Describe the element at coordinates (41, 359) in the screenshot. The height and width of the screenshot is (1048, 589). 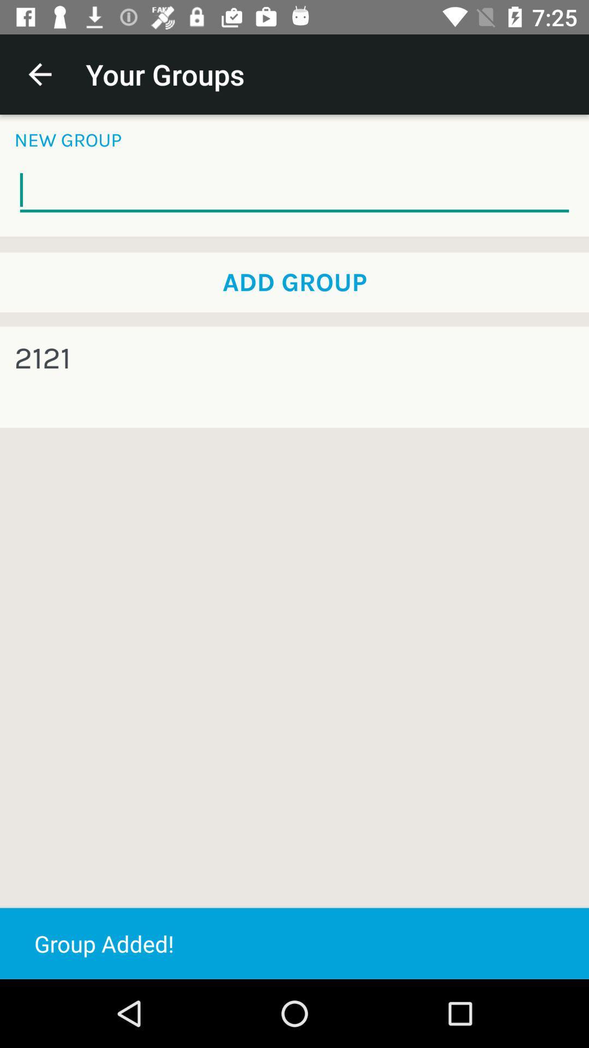
I see `2121 item` at that location.